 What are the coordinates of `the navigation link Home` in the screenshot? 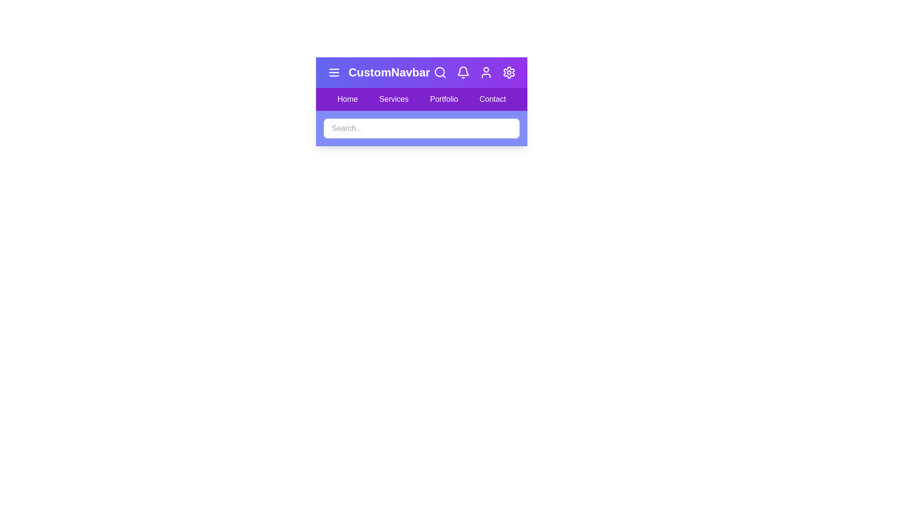 It's located at (347, 99).